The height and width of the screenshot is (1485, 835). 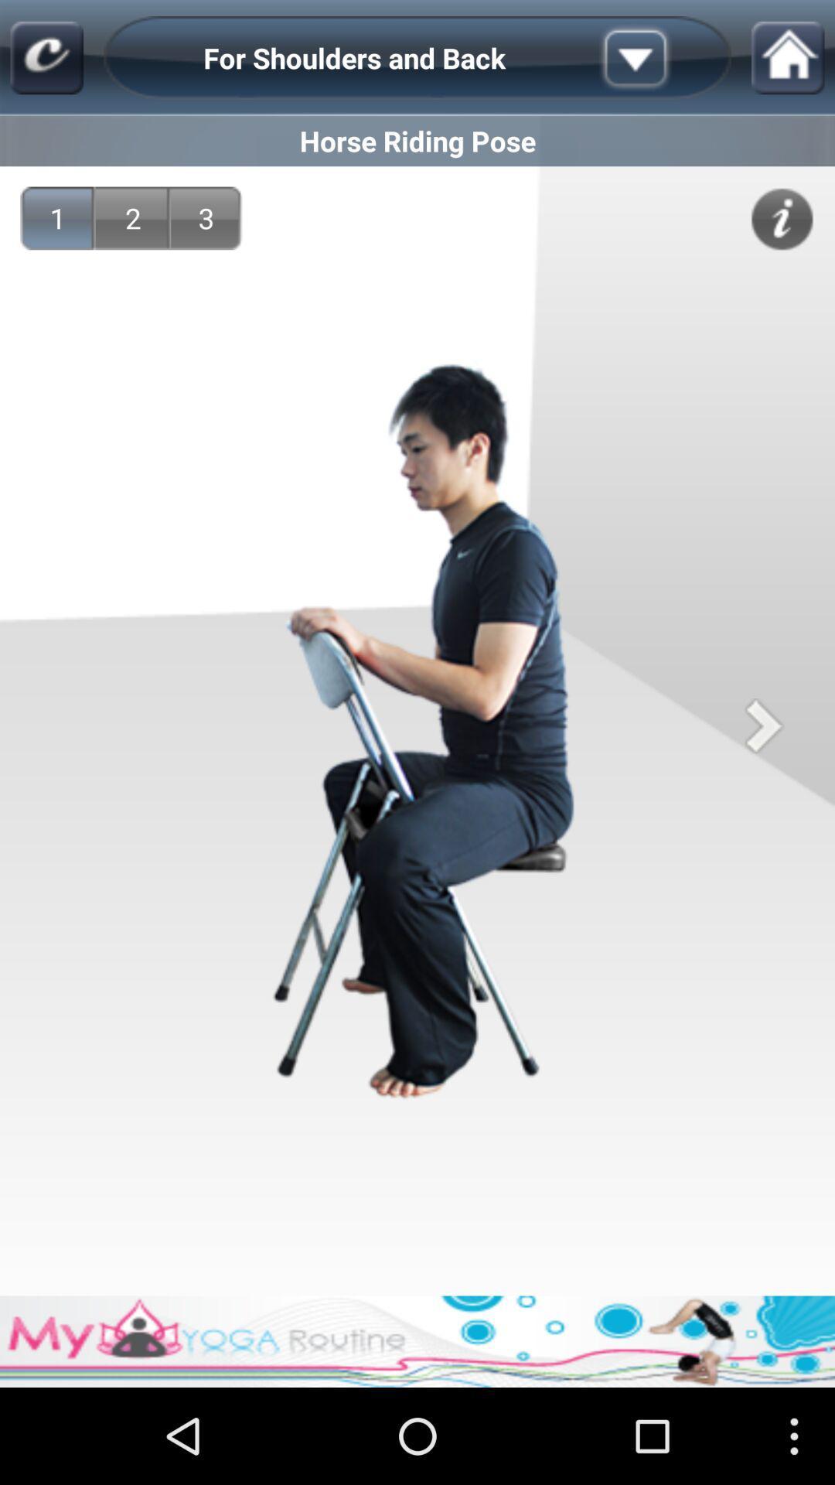 What do you see at coordinates (56, 217) in the screenshot?
I see `the item below horse riding pose app` at bounding box center [56, 217].